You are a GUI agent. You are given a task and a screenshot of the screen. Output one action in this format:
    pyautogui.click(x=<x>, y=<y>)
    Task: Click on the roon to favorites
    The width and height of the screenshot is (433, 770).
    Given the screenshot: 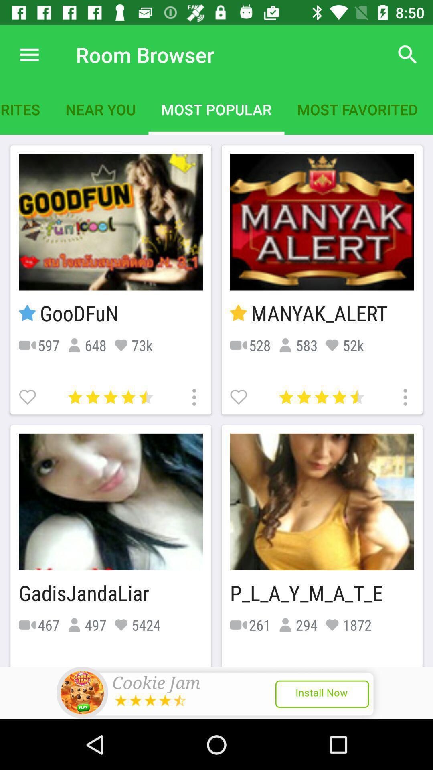 What is the action you would take?
    pyautogui.click(x=239, y=396)
    